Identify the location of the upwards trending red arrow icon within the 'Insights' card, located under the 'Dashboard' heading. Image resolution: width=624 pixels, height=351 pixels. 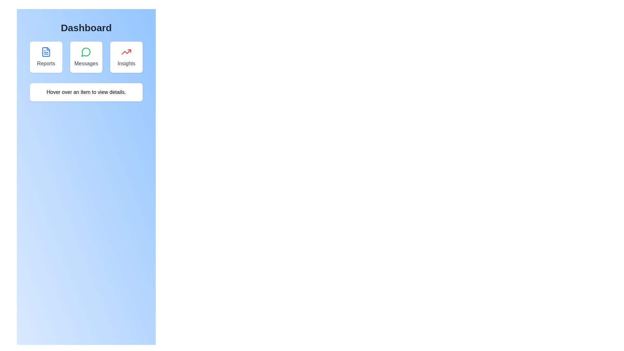
(126, 51).